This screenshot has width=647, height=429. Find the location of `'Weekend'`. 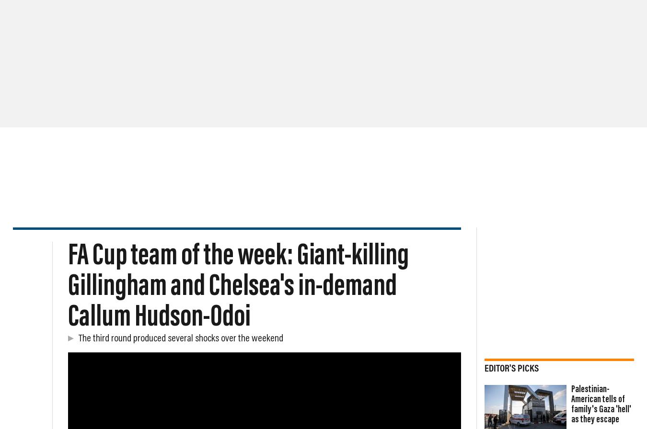

'Weekend' is located at coordinates (68, 71).